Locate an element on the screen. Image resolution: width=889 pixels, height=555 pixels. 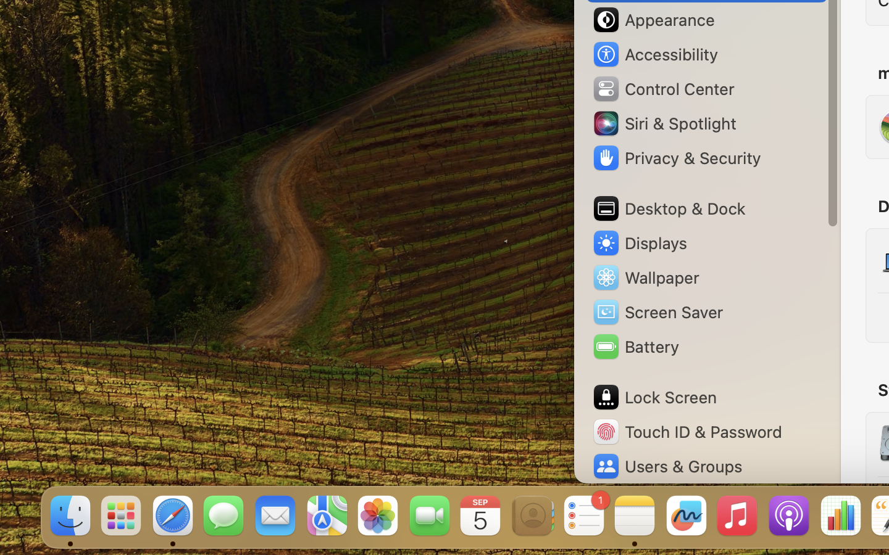
'Screen Saver' is located at coordinates (657, 311).